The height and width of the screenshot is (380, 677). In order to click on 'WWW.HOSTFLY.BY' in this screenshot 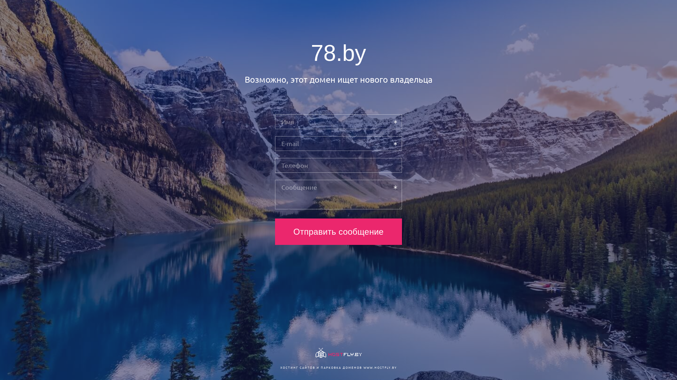, I will do `click(363, 367)`.